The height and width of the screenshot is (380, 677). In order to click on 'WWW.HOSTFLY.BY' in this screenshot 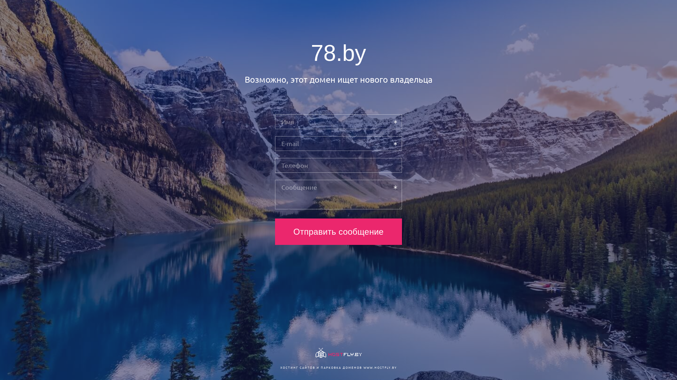, I will do `click(363, 367)`.